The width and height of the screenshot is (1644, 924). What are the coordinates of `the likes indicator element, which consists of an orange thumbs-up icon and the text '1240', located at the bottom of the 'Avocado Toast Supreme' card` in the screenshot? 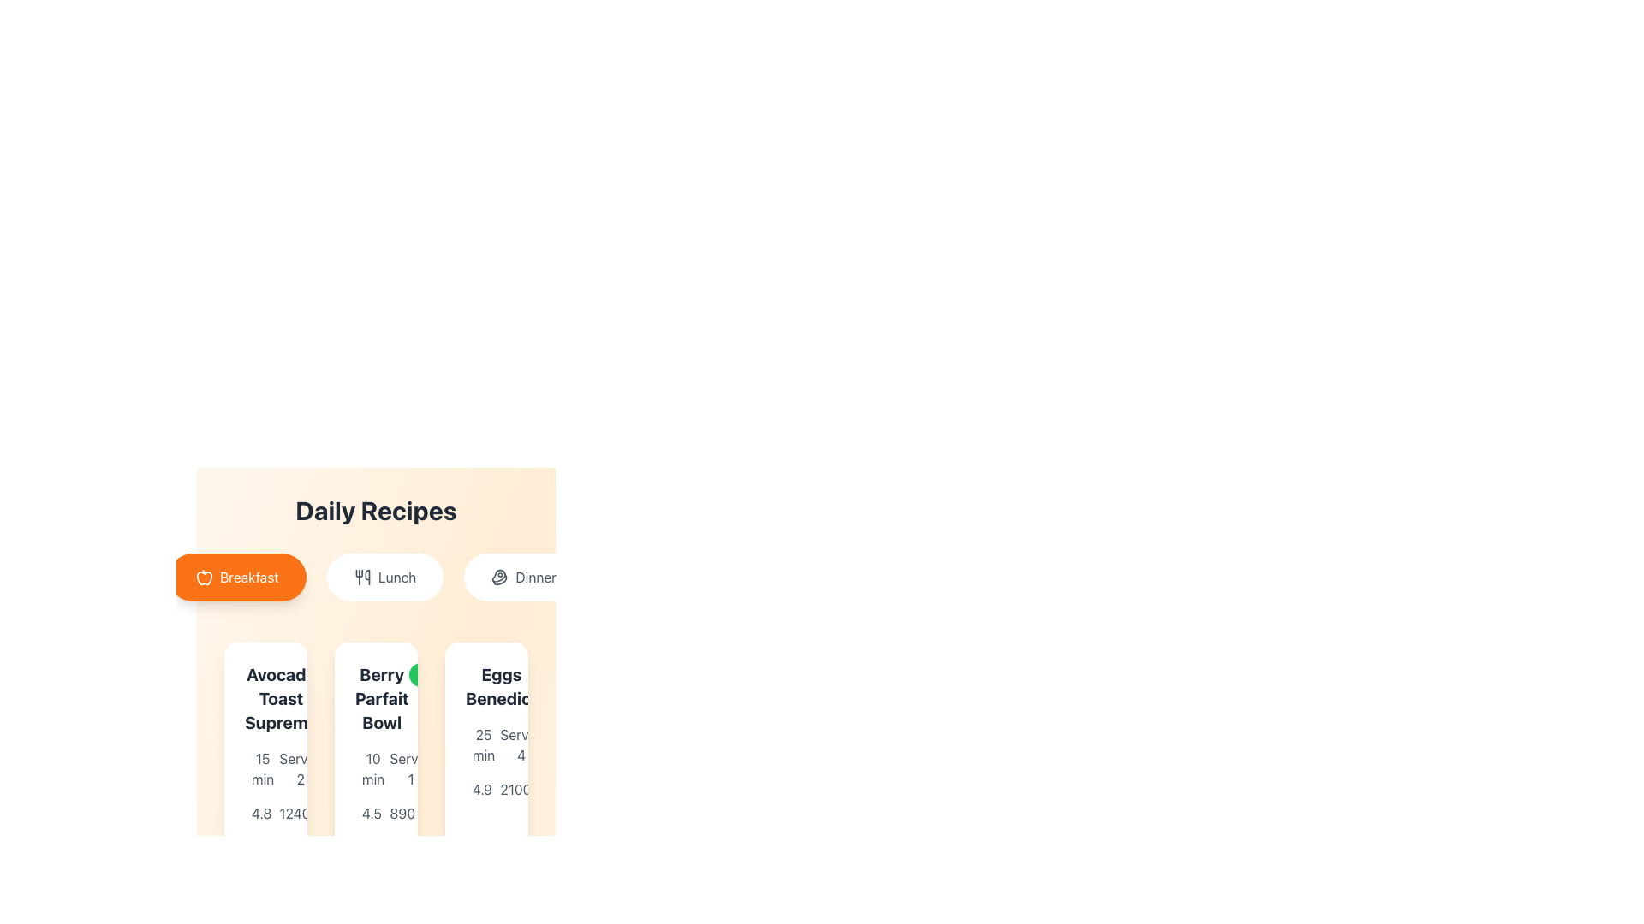 It's located at (279, 813).